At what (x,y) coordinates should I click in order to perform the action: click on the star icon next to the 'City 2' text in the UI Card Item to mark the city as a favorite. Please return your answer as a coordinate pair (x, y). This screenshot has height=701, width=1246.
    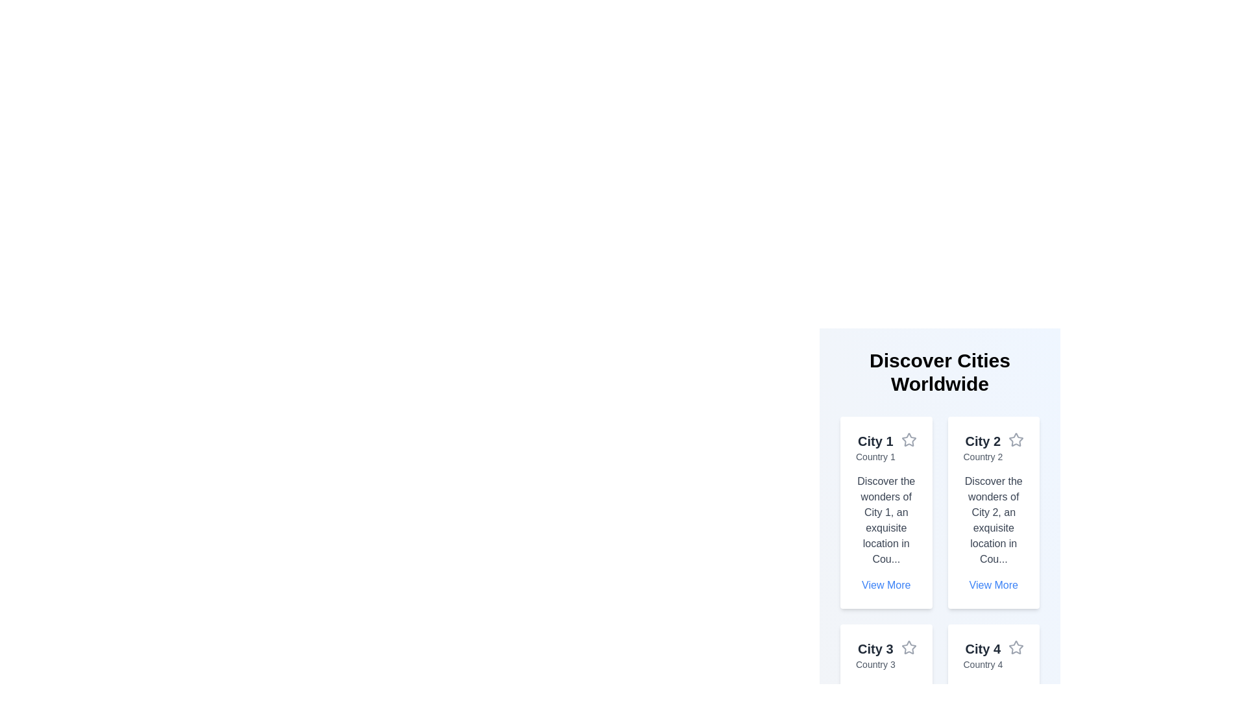
    Looking at the image, I should click on (993, 447).